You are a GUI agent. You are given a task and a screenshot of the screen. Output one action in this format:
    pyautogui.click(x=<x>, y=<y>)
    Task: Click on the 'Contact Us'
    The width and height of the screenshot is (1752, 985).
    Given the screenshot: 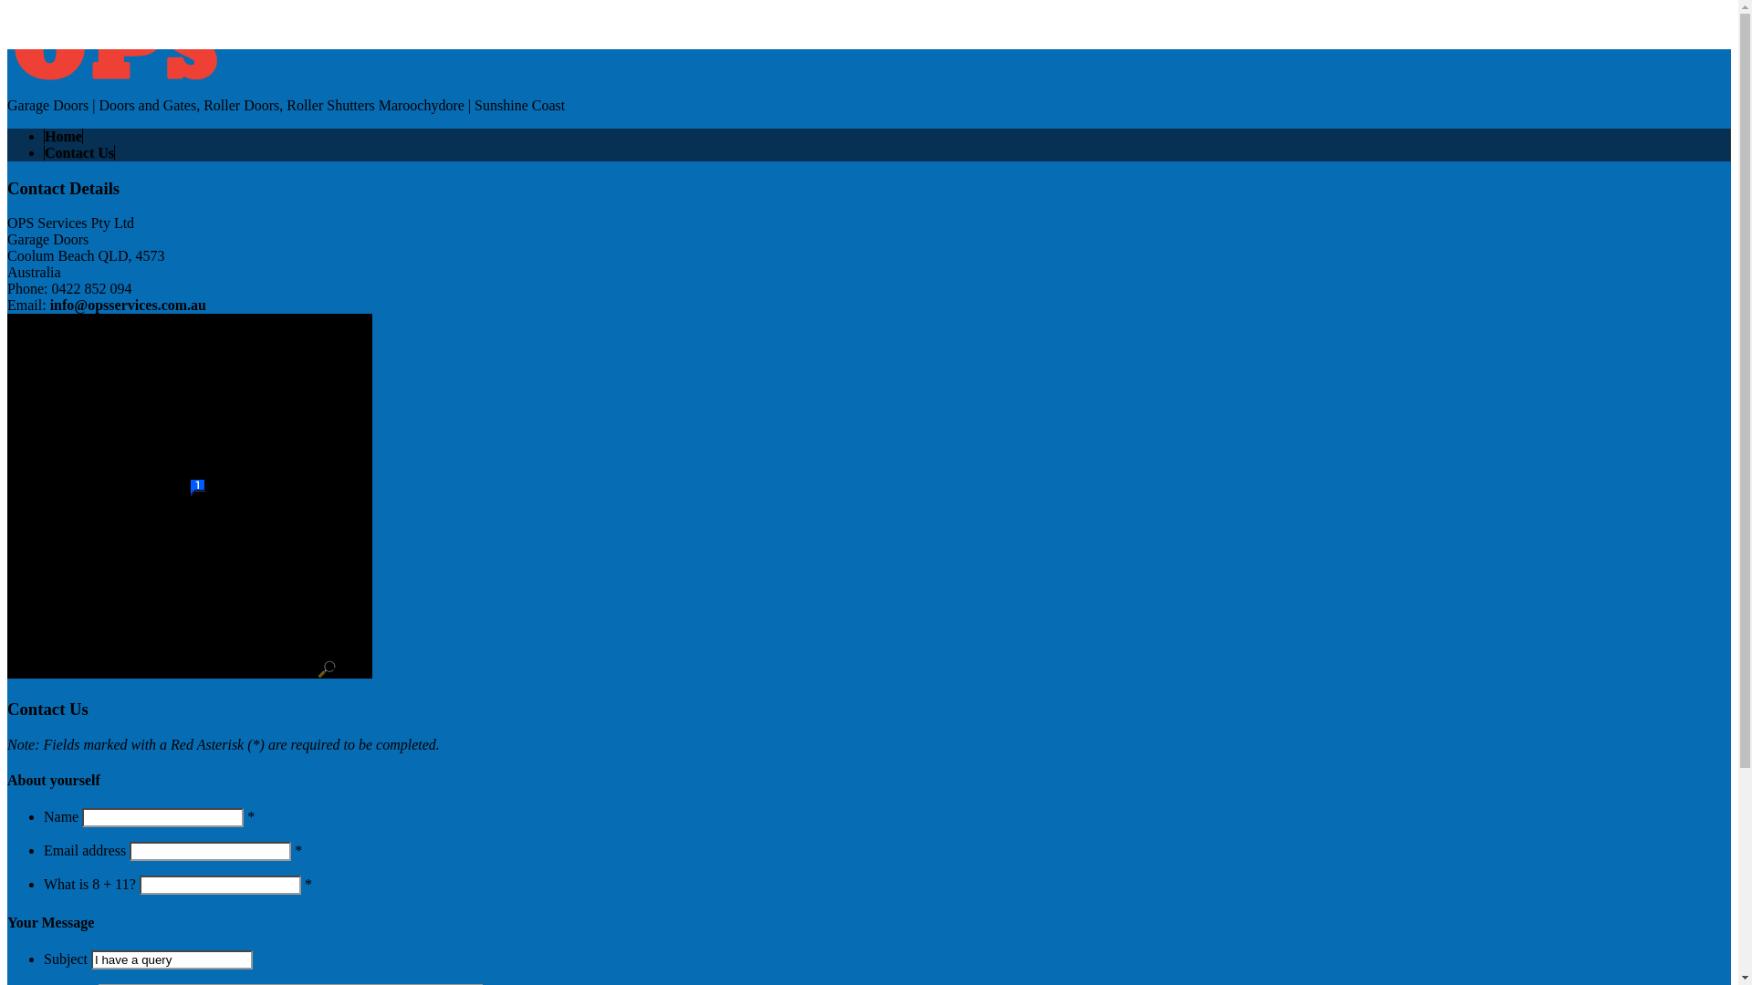 What is the action you would take?
    pyautogui.click(x=78, y=151)
    